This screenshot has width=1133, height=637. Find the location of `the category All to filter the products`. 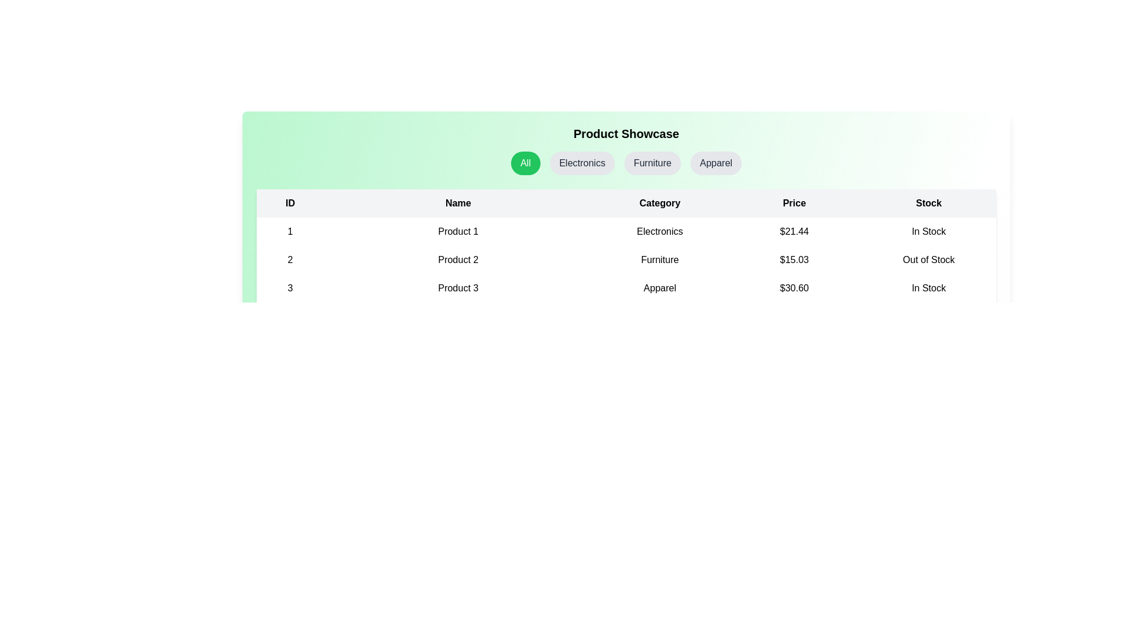

the category All to filter the products is located at coordinates (524, 163).